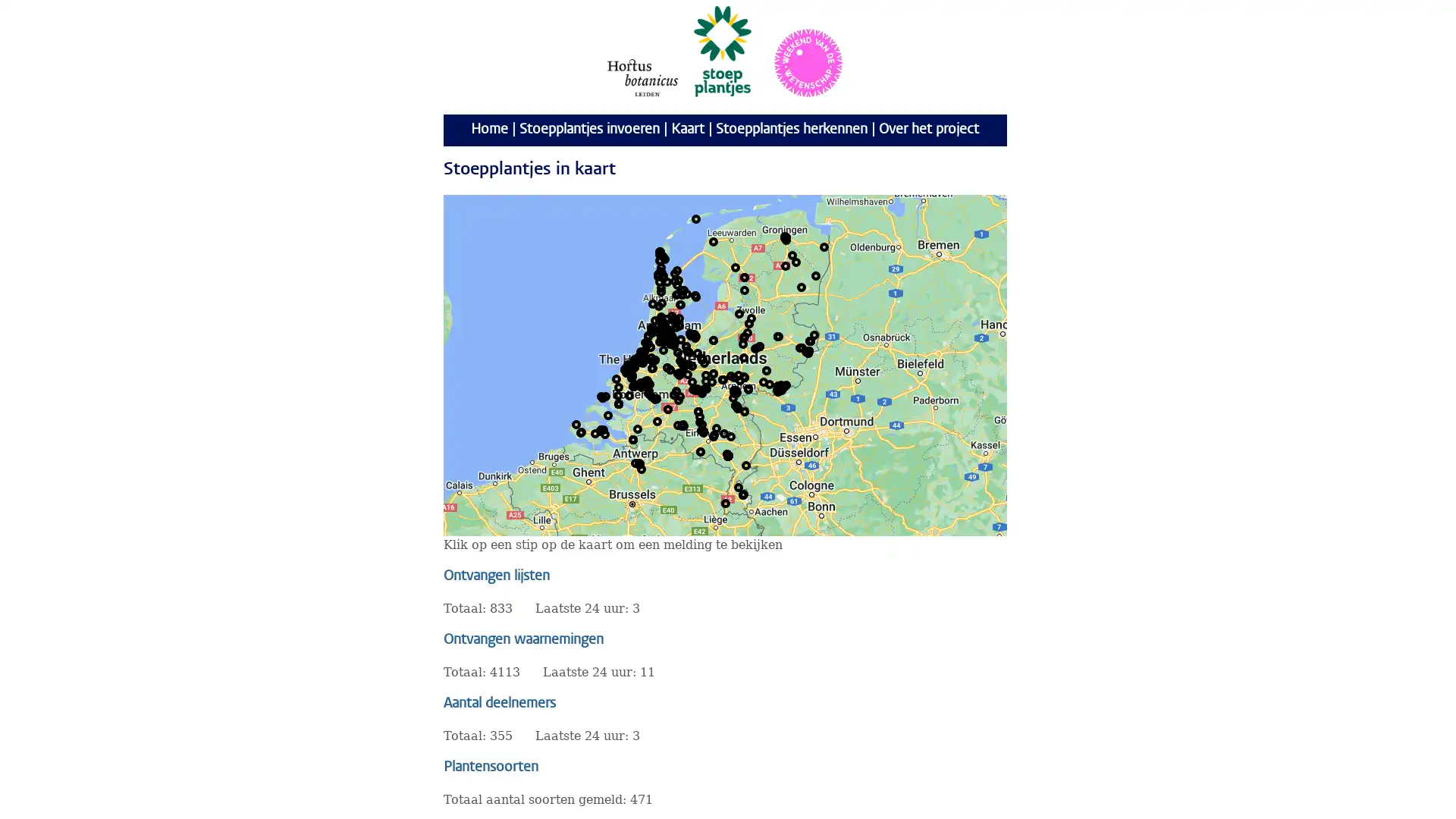 The image size is (1456, 819). Describe the element at coordinates (667, 337) in the screenshot. I see `Telling van Ria Simon op 07 oktober 2021` at that location.